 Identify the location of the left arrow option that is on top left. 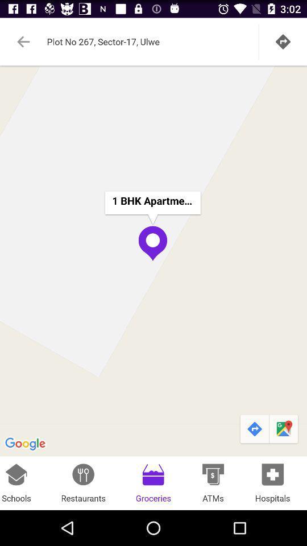
(24, 42).